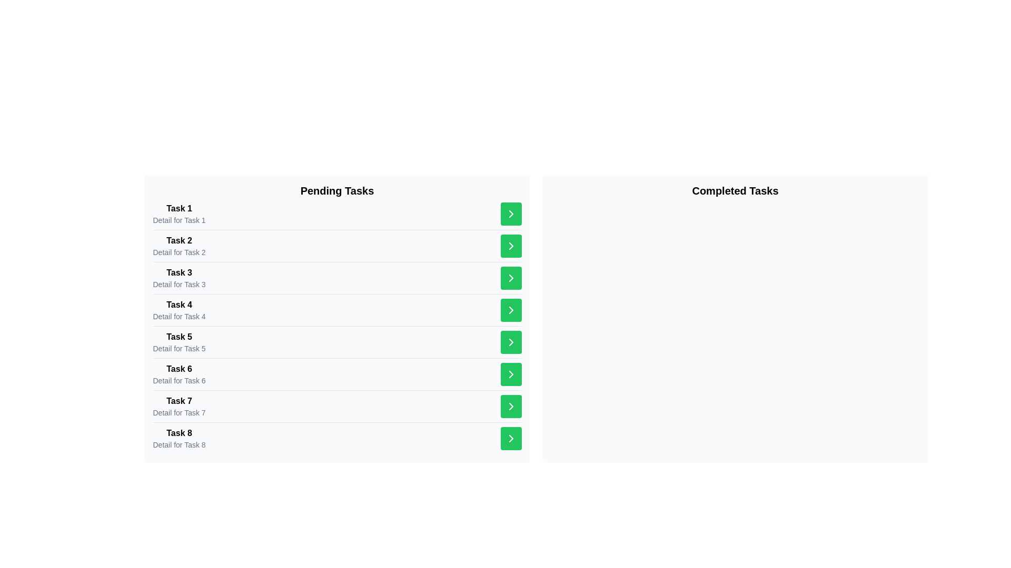  I want to click on the right-facing chevron icon inside the green button located in the row for 'Task 4' within the 'Pending Tasks' section to initiate a task-specific action, so click(511, 246).